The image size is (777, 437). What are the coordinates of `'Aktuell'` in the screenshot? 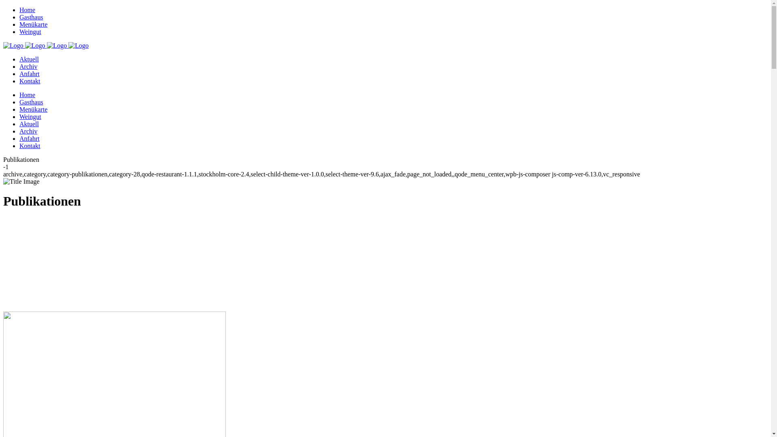 It's located at (29, 59).